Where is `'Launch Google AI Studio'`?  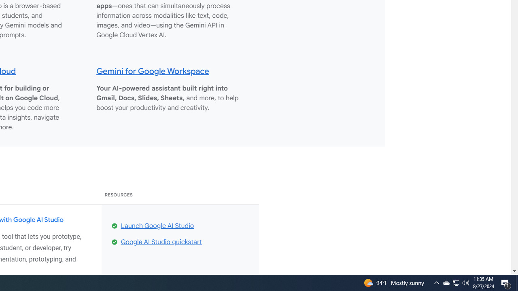 'Launch Google AI Studio' is located at coordinates (157, 226).